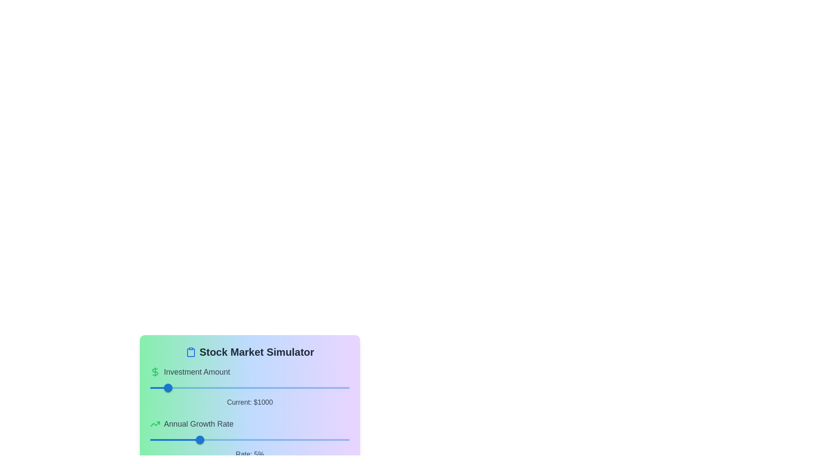  What do you see at coordinates (196, 440) in the screenshot?
I see `the slider value` at bounding box center [196, 440].